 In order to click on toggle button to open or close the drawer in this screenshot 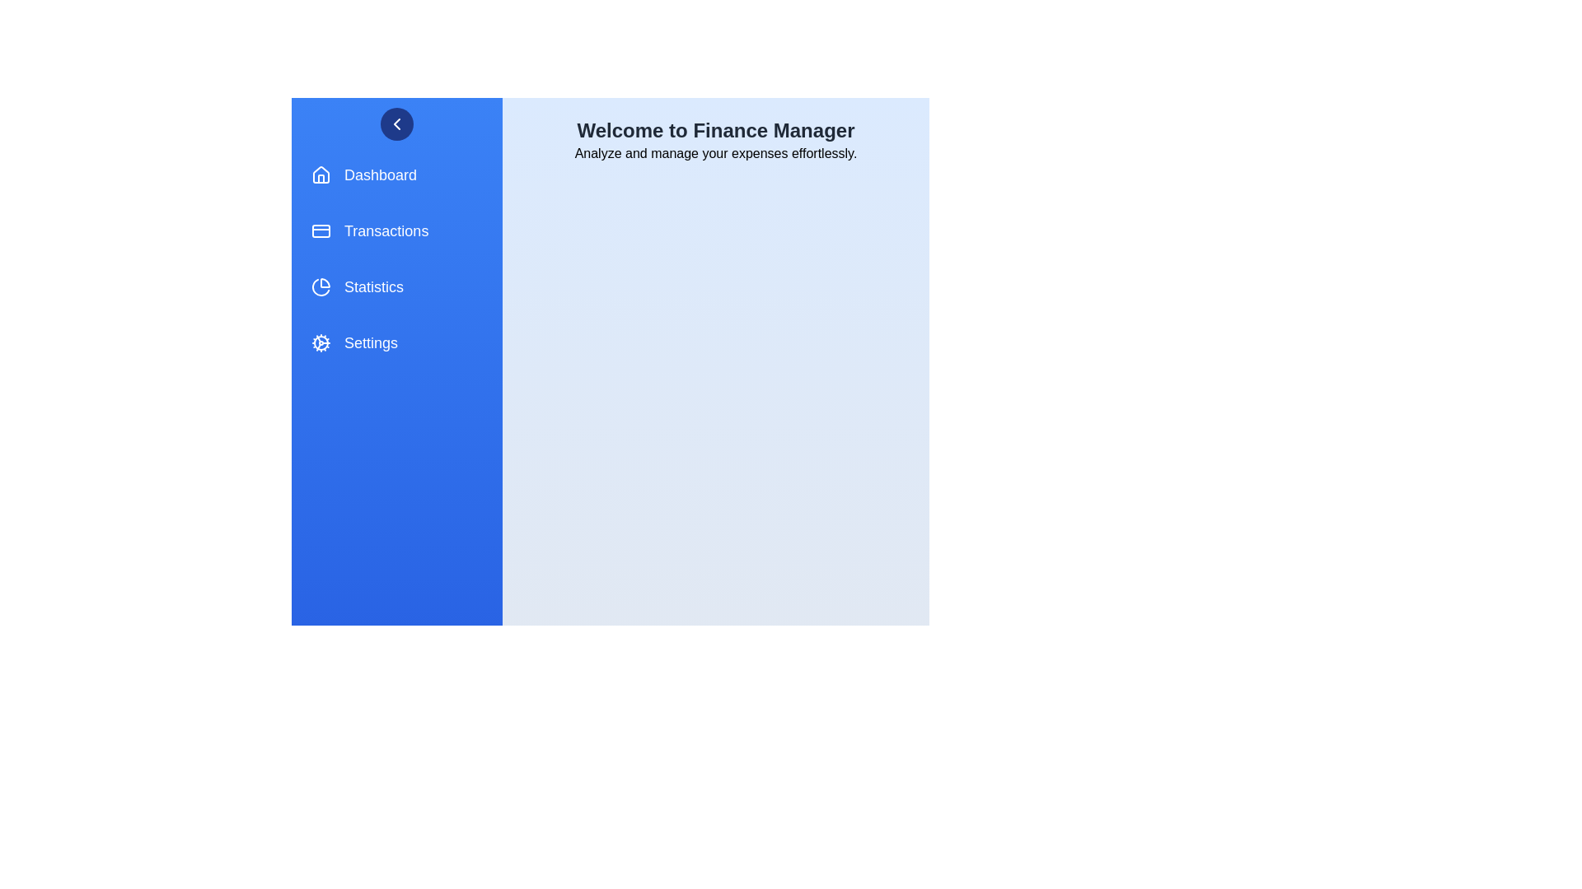, I will do `click(396, 123)`.